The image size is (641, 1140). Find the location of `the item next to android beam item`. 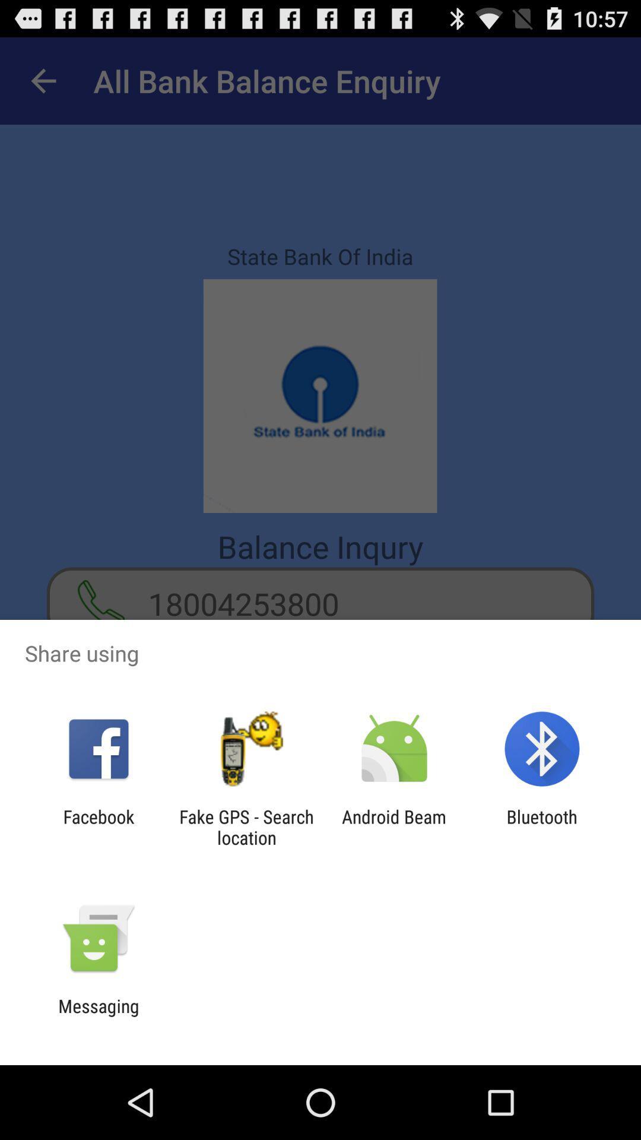

the item next to android beam item is located at coordinates (246, 826).